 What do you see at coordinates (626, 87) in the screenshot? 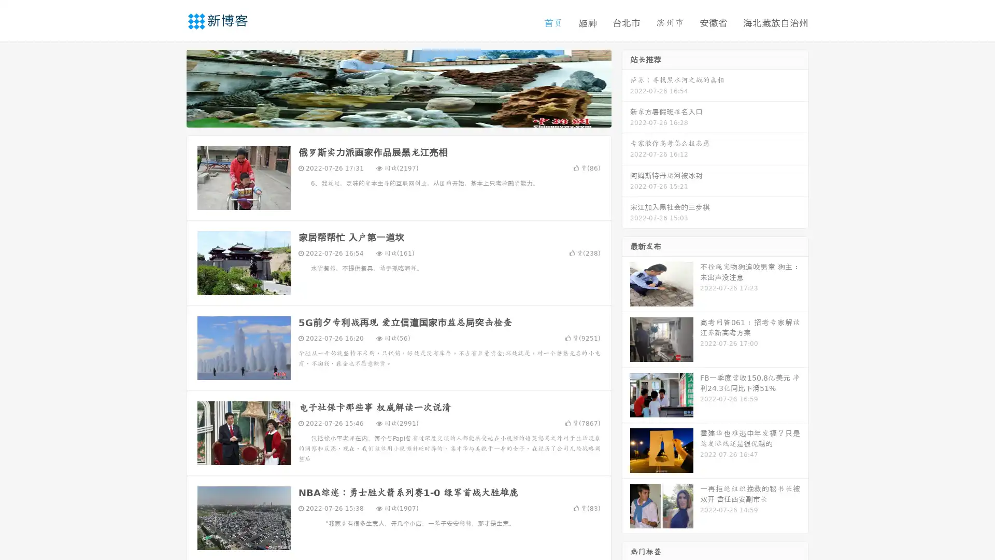
I see `Next slide` at bounding box center [626, 87].